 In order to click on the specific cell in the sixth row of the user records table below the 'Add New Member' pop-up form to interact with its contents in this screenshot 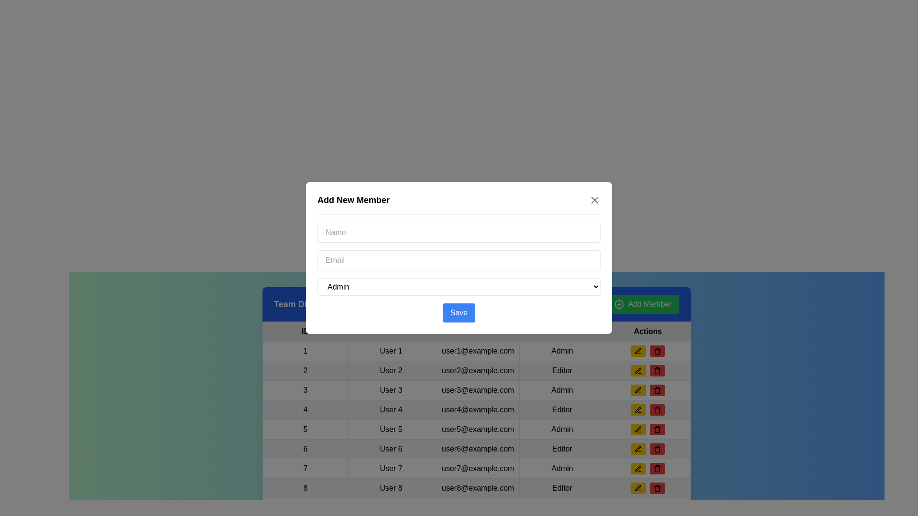, I will do `click(477, 449)`.